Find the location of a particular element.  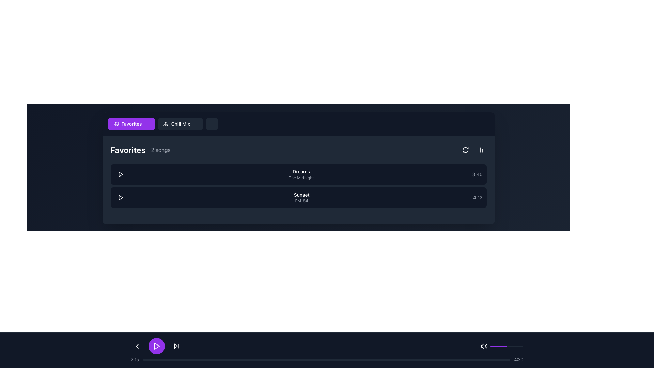

the circular refresh button with a bold white arrow on a dark background is located at coordinates (465, 149).